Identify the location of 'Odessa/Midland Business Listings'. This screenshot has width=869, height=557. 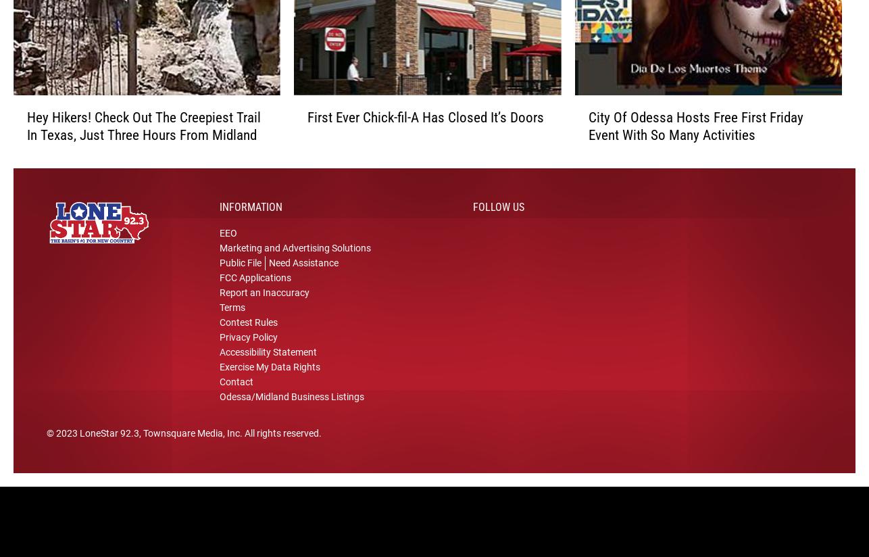
(291, 408).